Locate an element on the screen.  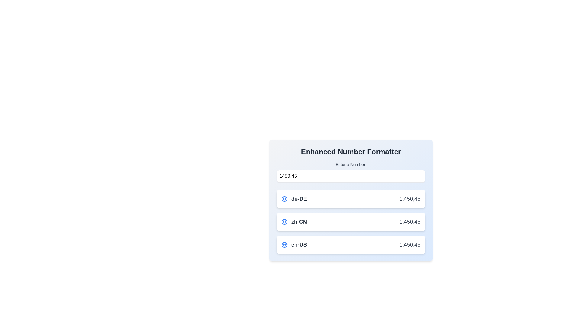
the Information display row that presents a formatted number according to the 'de-DE' locale, located below the input field and above the elements labeled 'zh-CN' and 'en-US' is located at coordinates (351, 199).